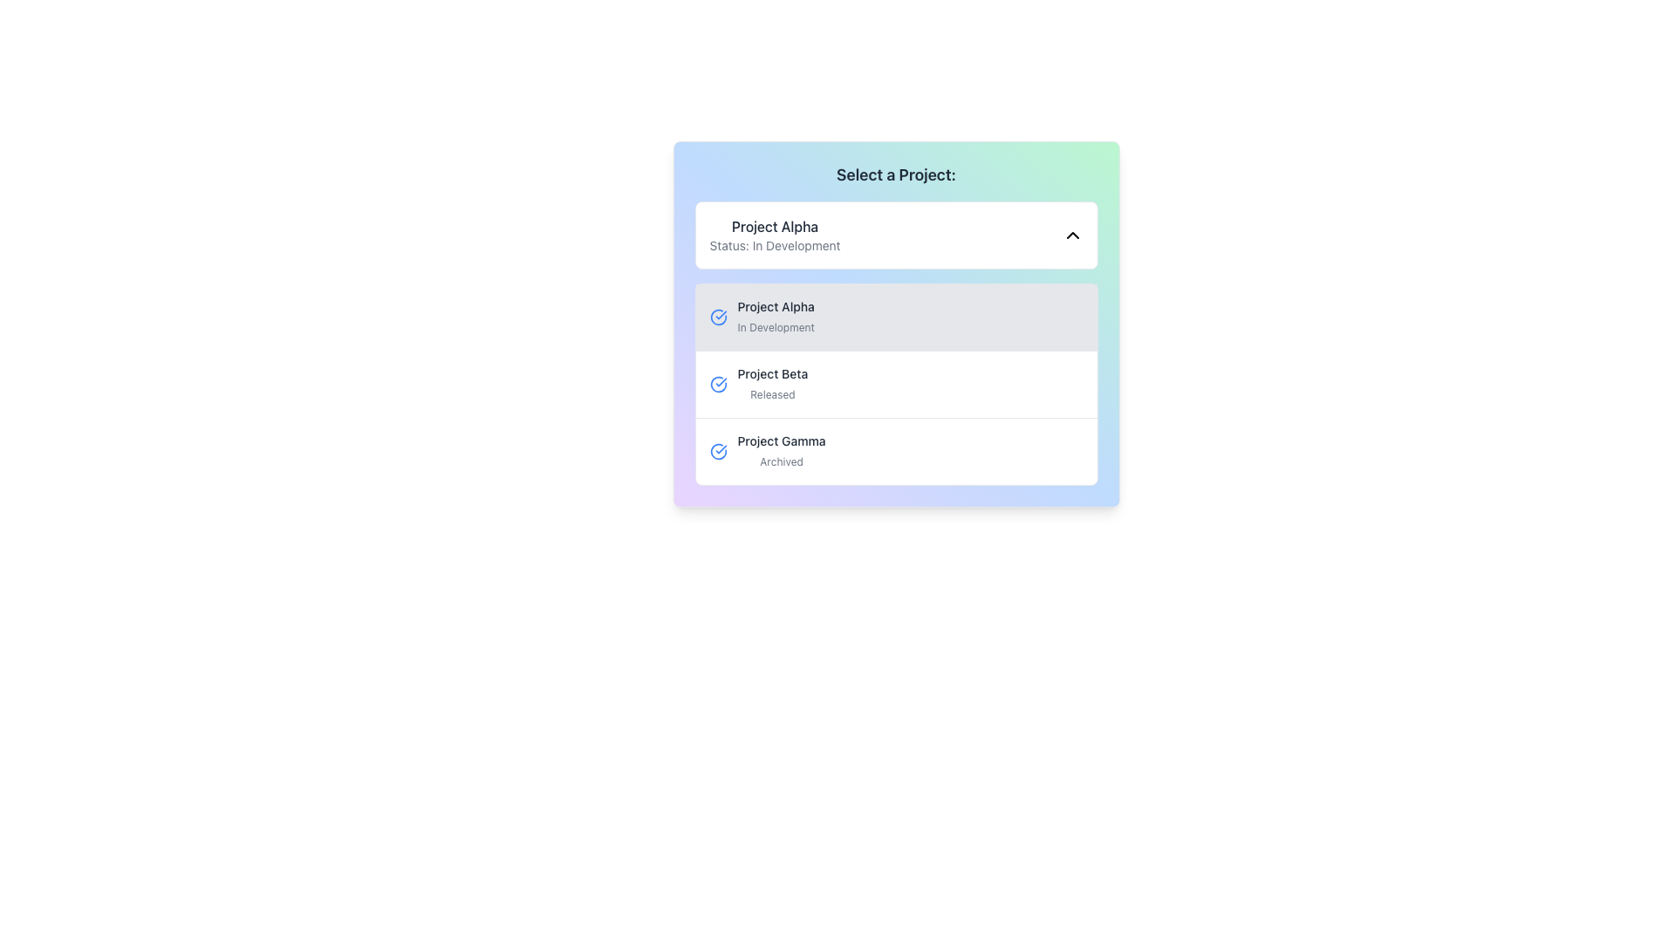 The image size is (1675, 942). I want to click on the circular SVG graphical element that is part of the checkmark icon next to 'Project Alpha' in the project list, so click(718, 317).